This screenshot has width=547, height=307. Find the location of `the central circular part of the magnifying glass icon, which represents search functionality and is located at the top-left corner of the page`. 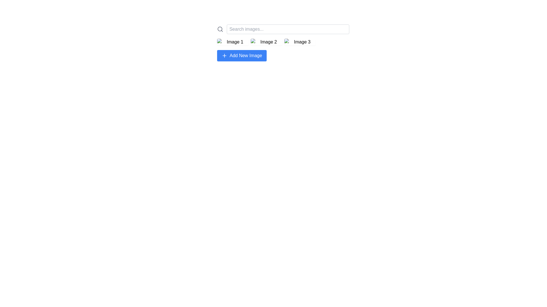

the central circular part of the magnifying glass icon, which represents search functionality and is located at the top-left corner of the page is located at coordinates (220, 29).